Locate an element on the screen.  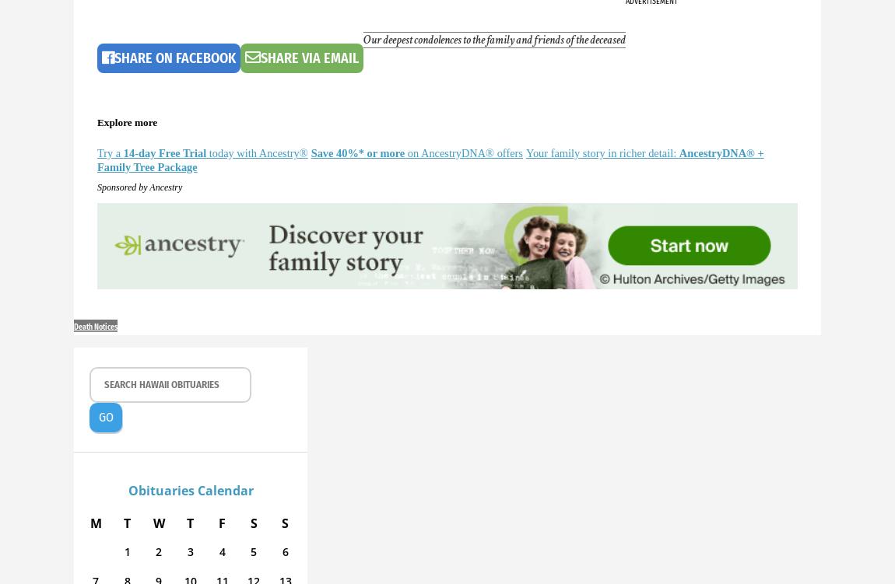
'AncestryDNA® + Family Tree Package' is located at coordinates (430, 159).